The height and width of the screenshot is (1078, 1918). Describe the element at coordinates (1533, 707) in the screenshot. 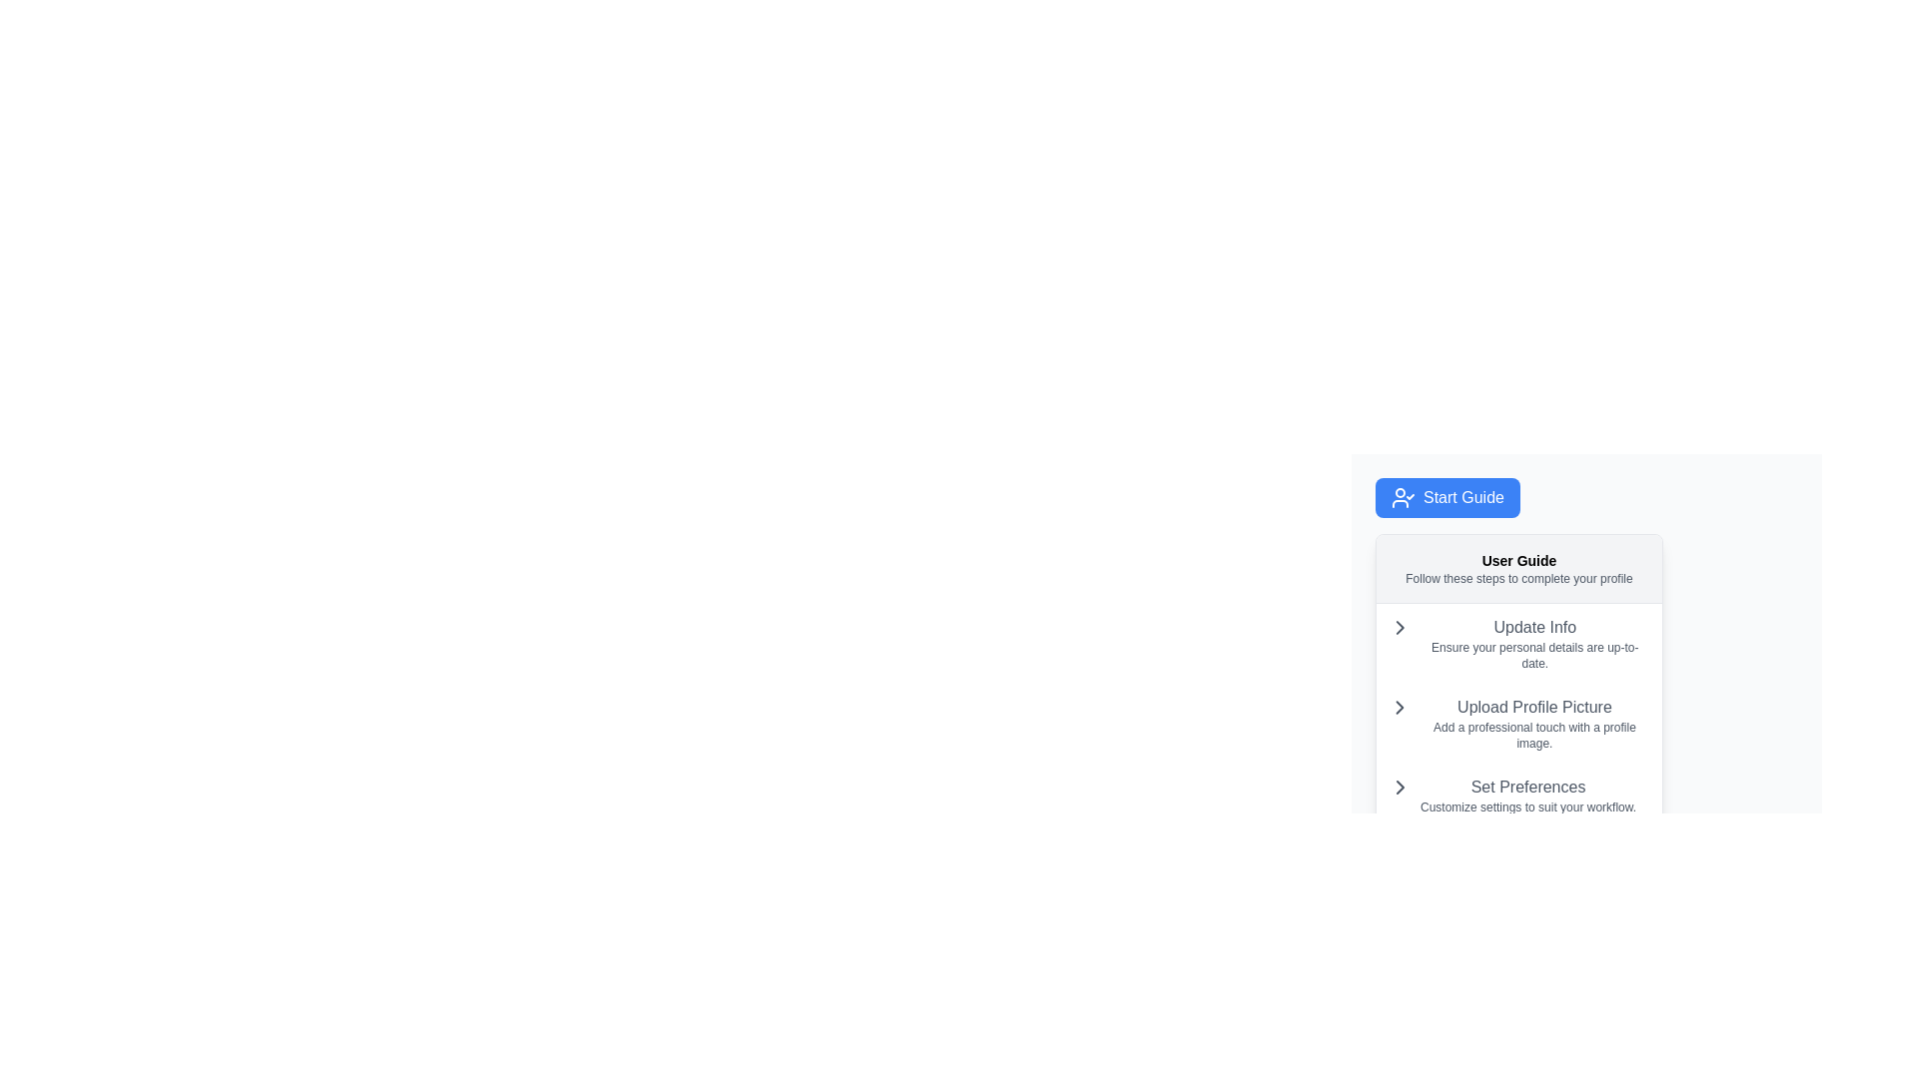

I see `the text label that provides a title for the section regarding uploading a profile picture, which is located below the 'Update Info' heading` at that location.